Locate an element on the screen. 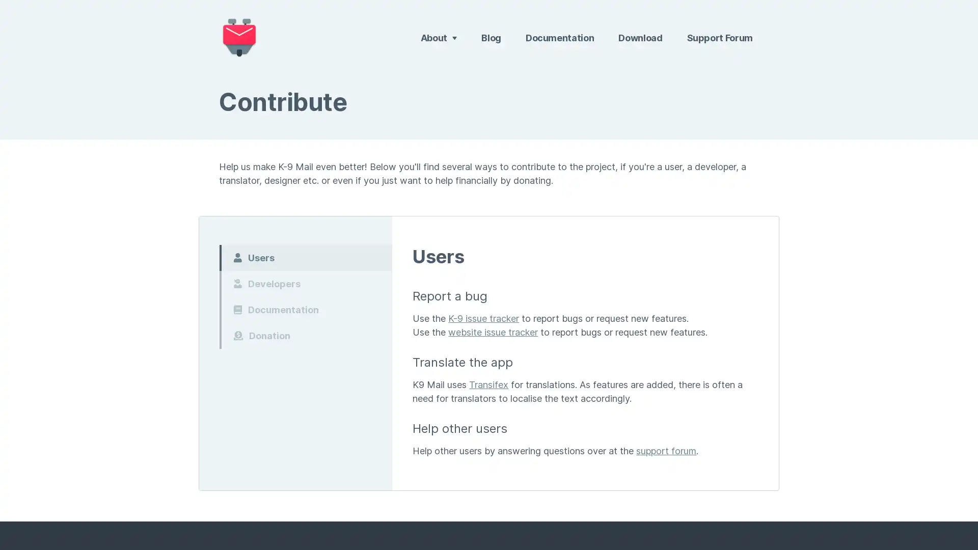 The height and width of the screenshot is (550, 978). Developers is located at coordinates (305, 283).